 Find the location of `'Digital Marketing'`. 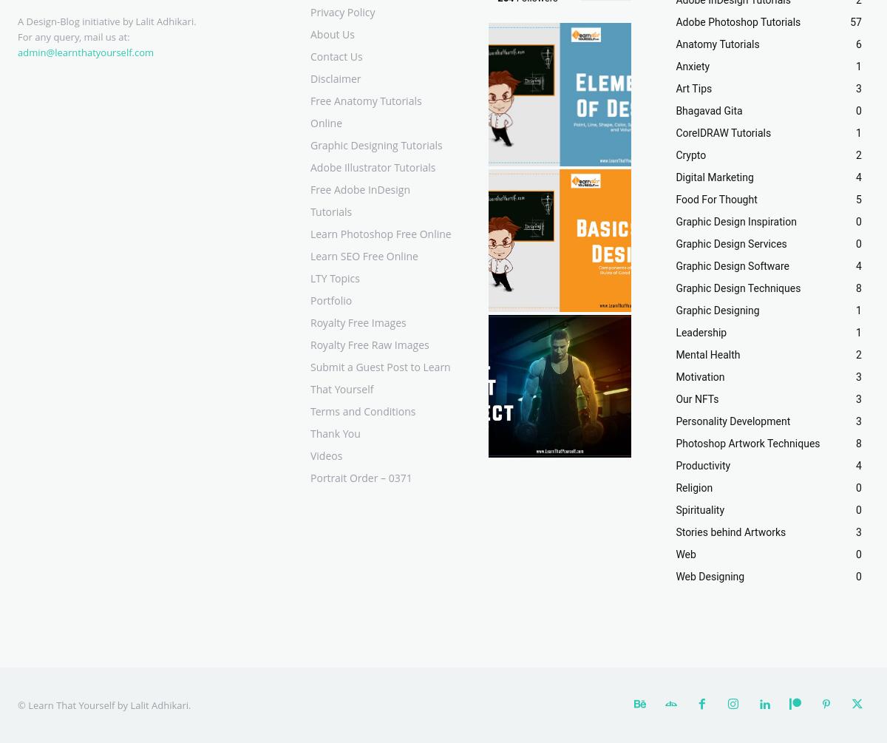

'Digital Marketing' is located at coordinates (714, 176).